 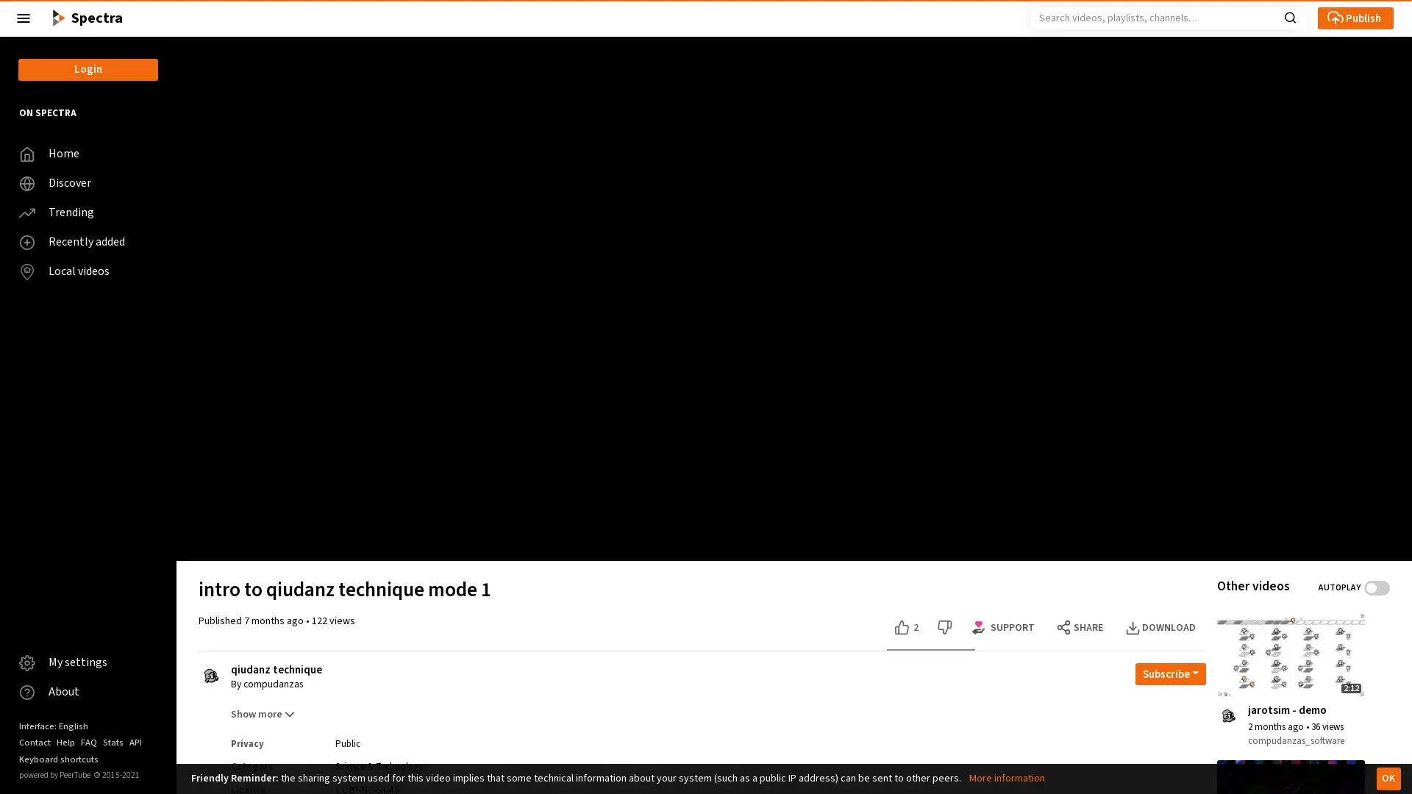 I want to click on Support options for this video, so click(x=1003, y=627).